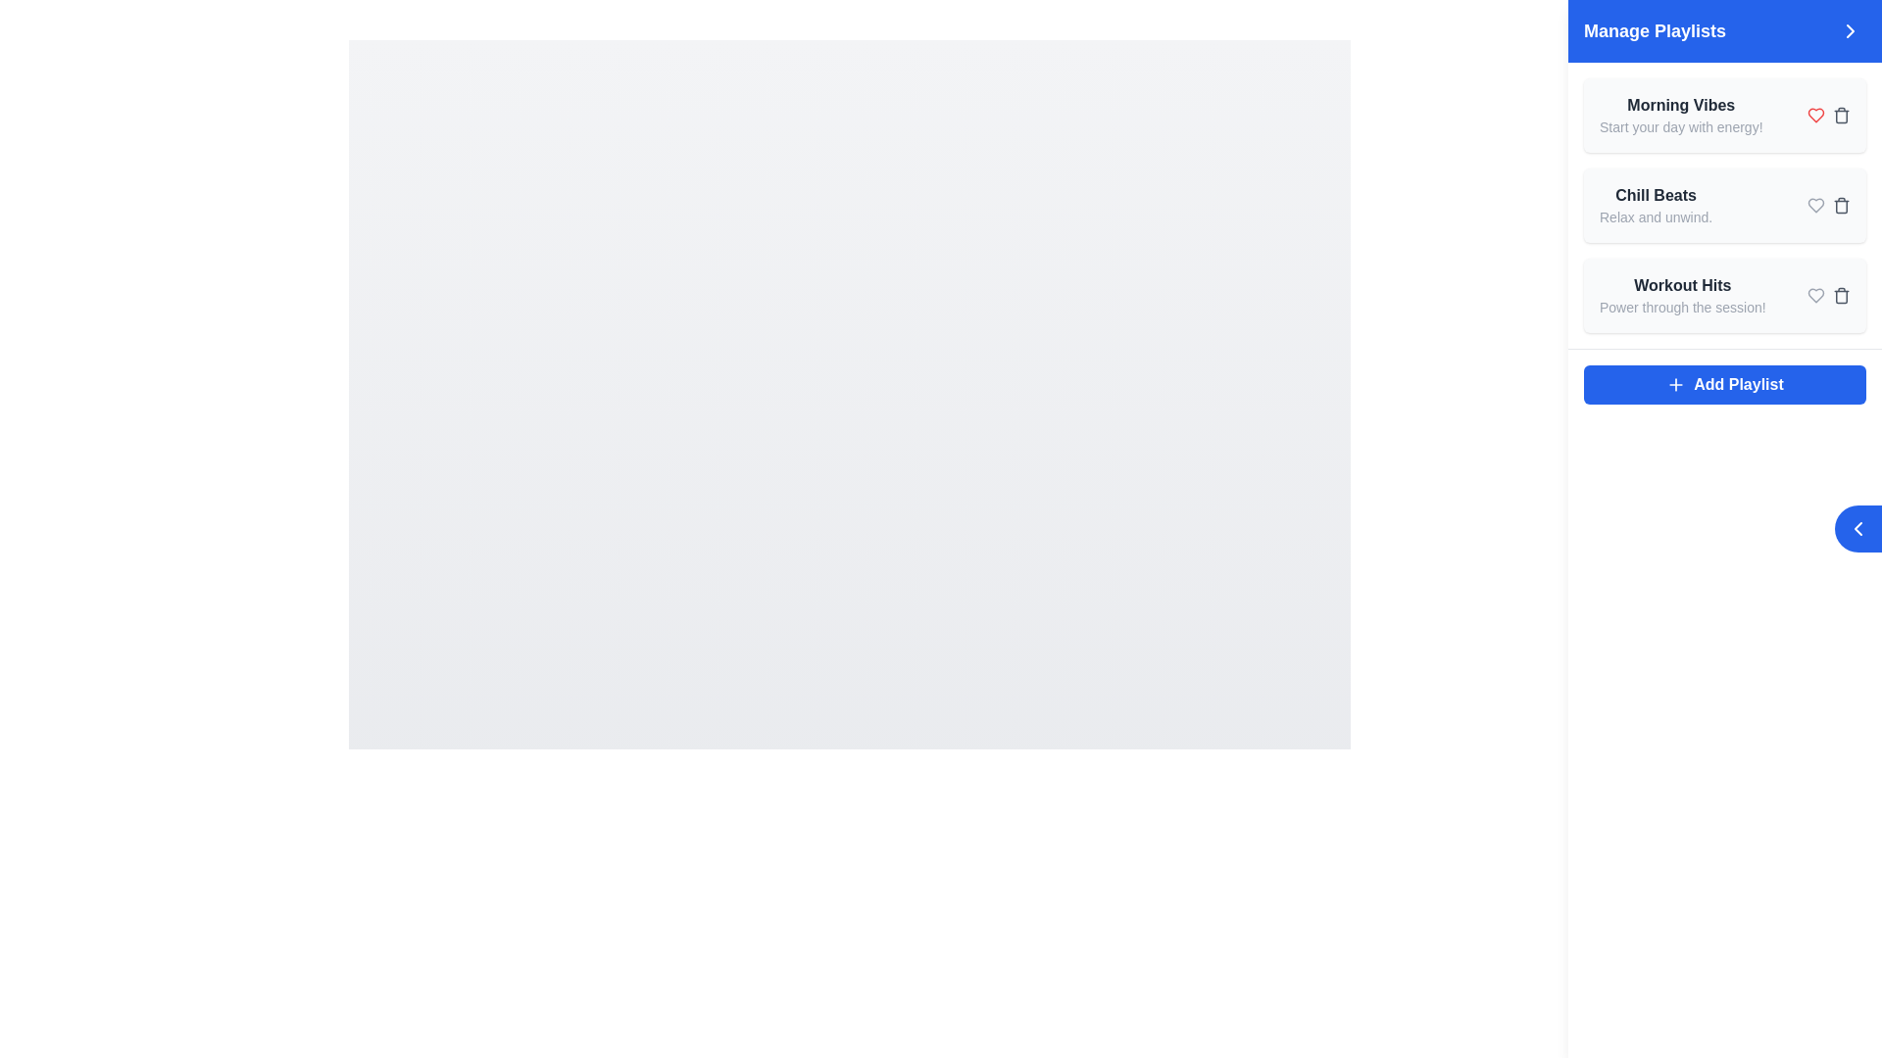  Describe the element at coordinates (1680, 116) in the screenshot. I see `the clickable playlist item with the heading 'Morning Vibes' and subheading 'Start your day with energy!' located in the 'Manage Playlists' section` at that location.